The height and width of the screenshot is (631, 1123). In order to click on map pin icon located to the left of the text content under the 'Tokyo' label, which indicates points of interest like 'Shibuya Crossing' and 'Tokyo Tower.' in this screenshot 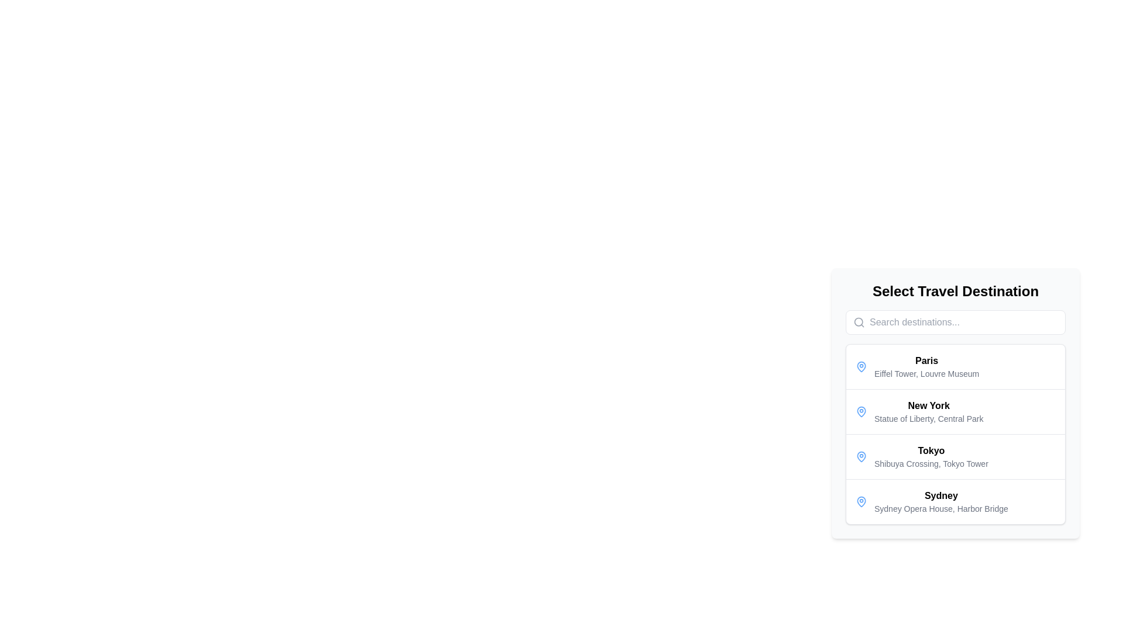, I will do `click(862, 456)`.